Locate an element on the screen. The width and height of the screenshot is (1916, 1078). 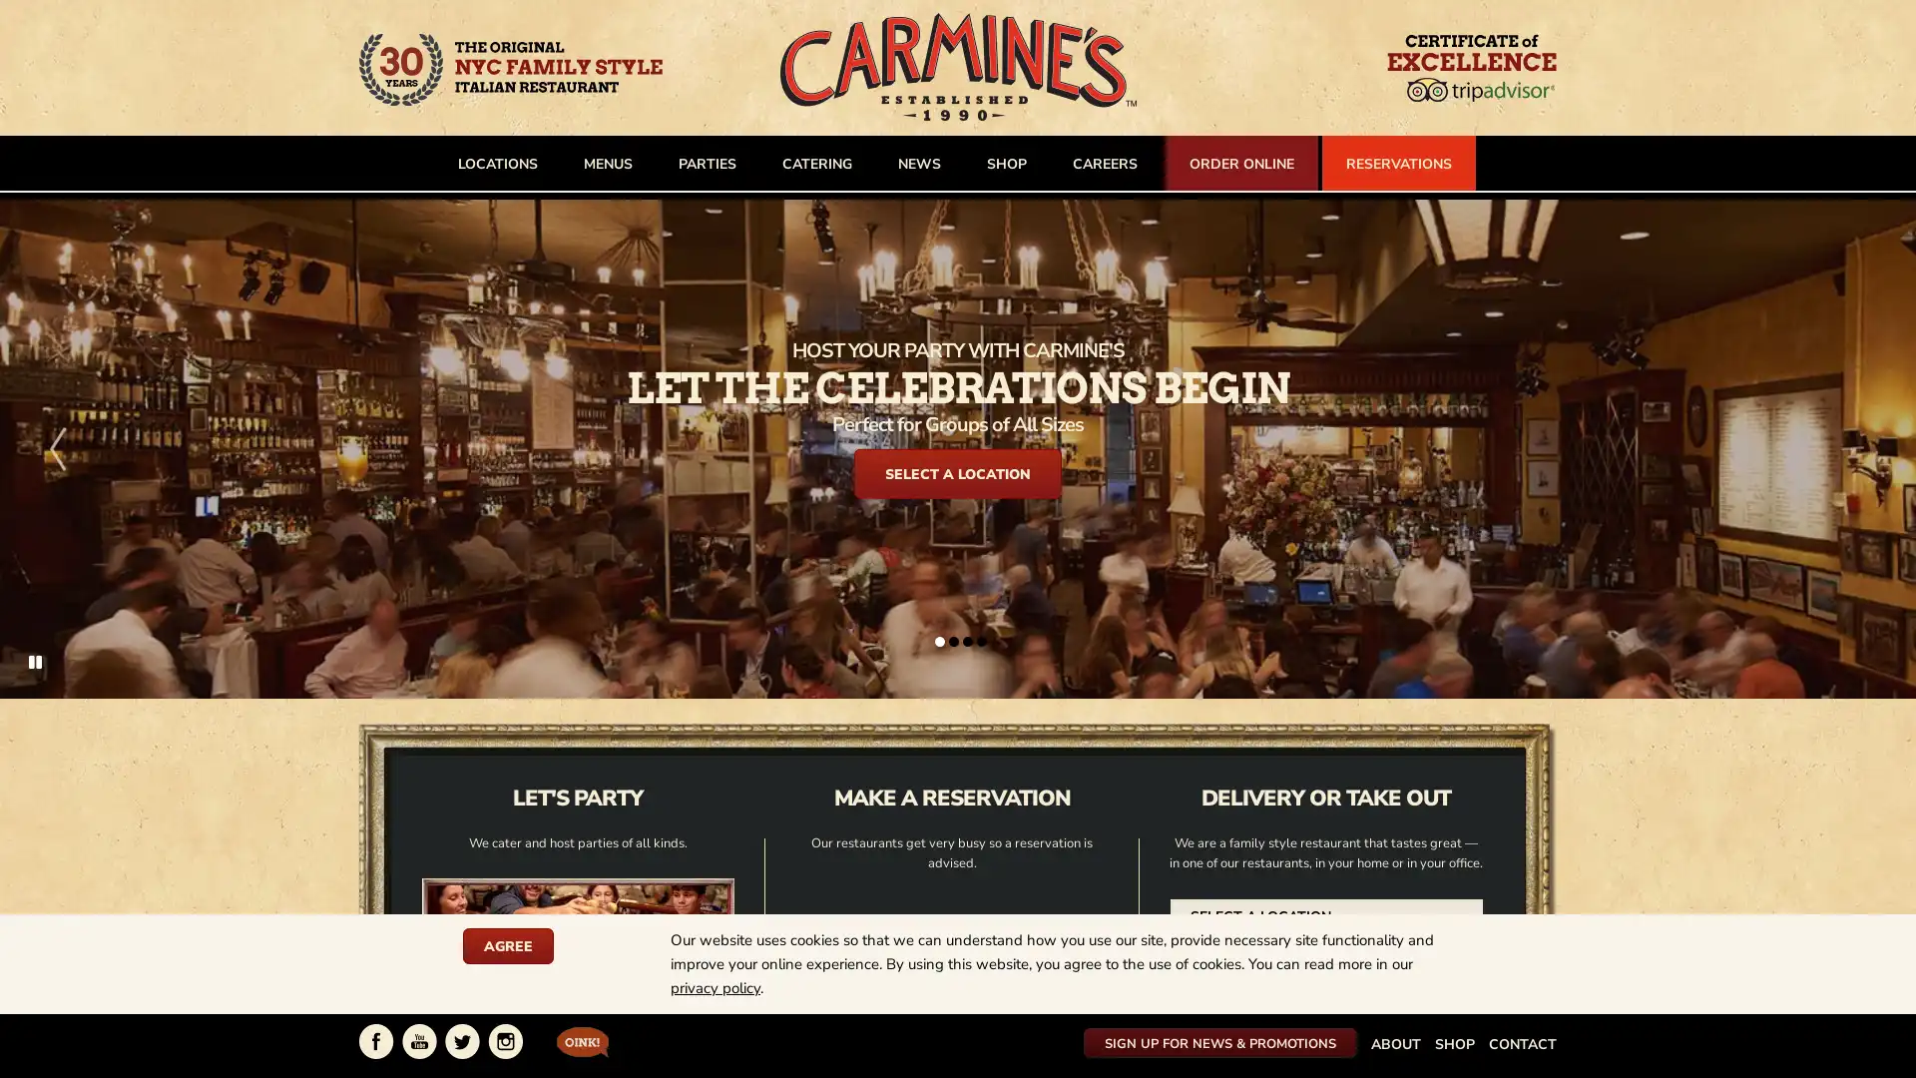
Next is located at coordinates (1857, 447).